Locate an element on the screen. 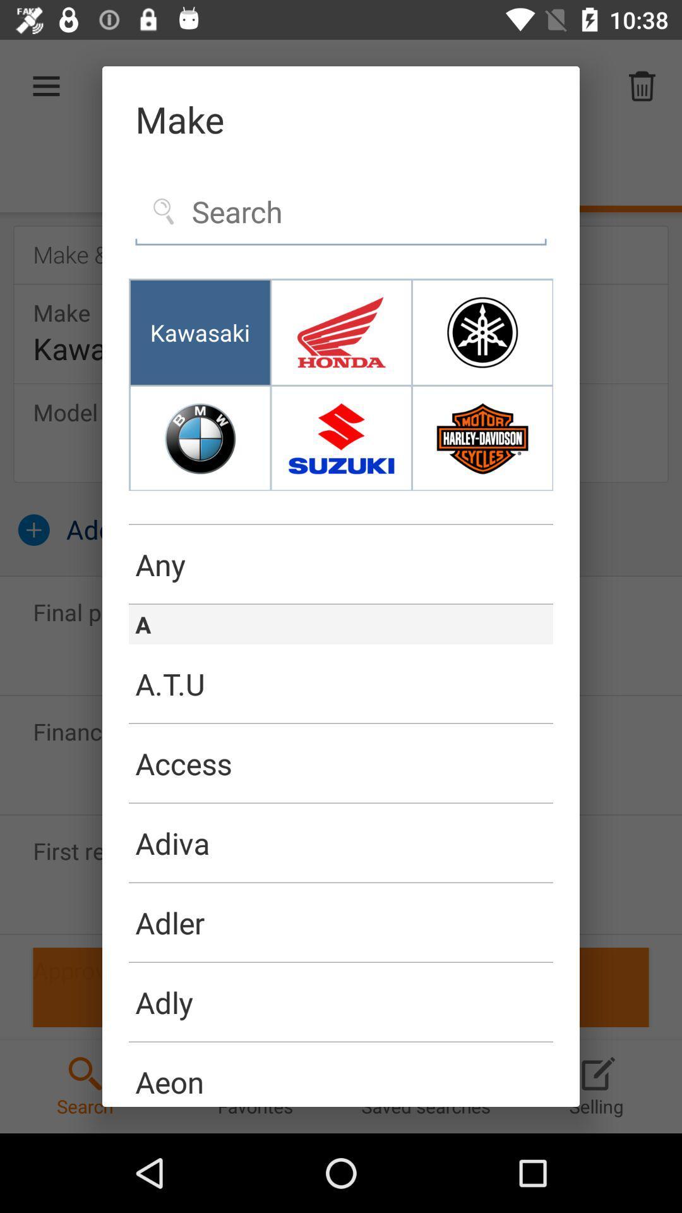  search bar is located at coordinates (341, 212).